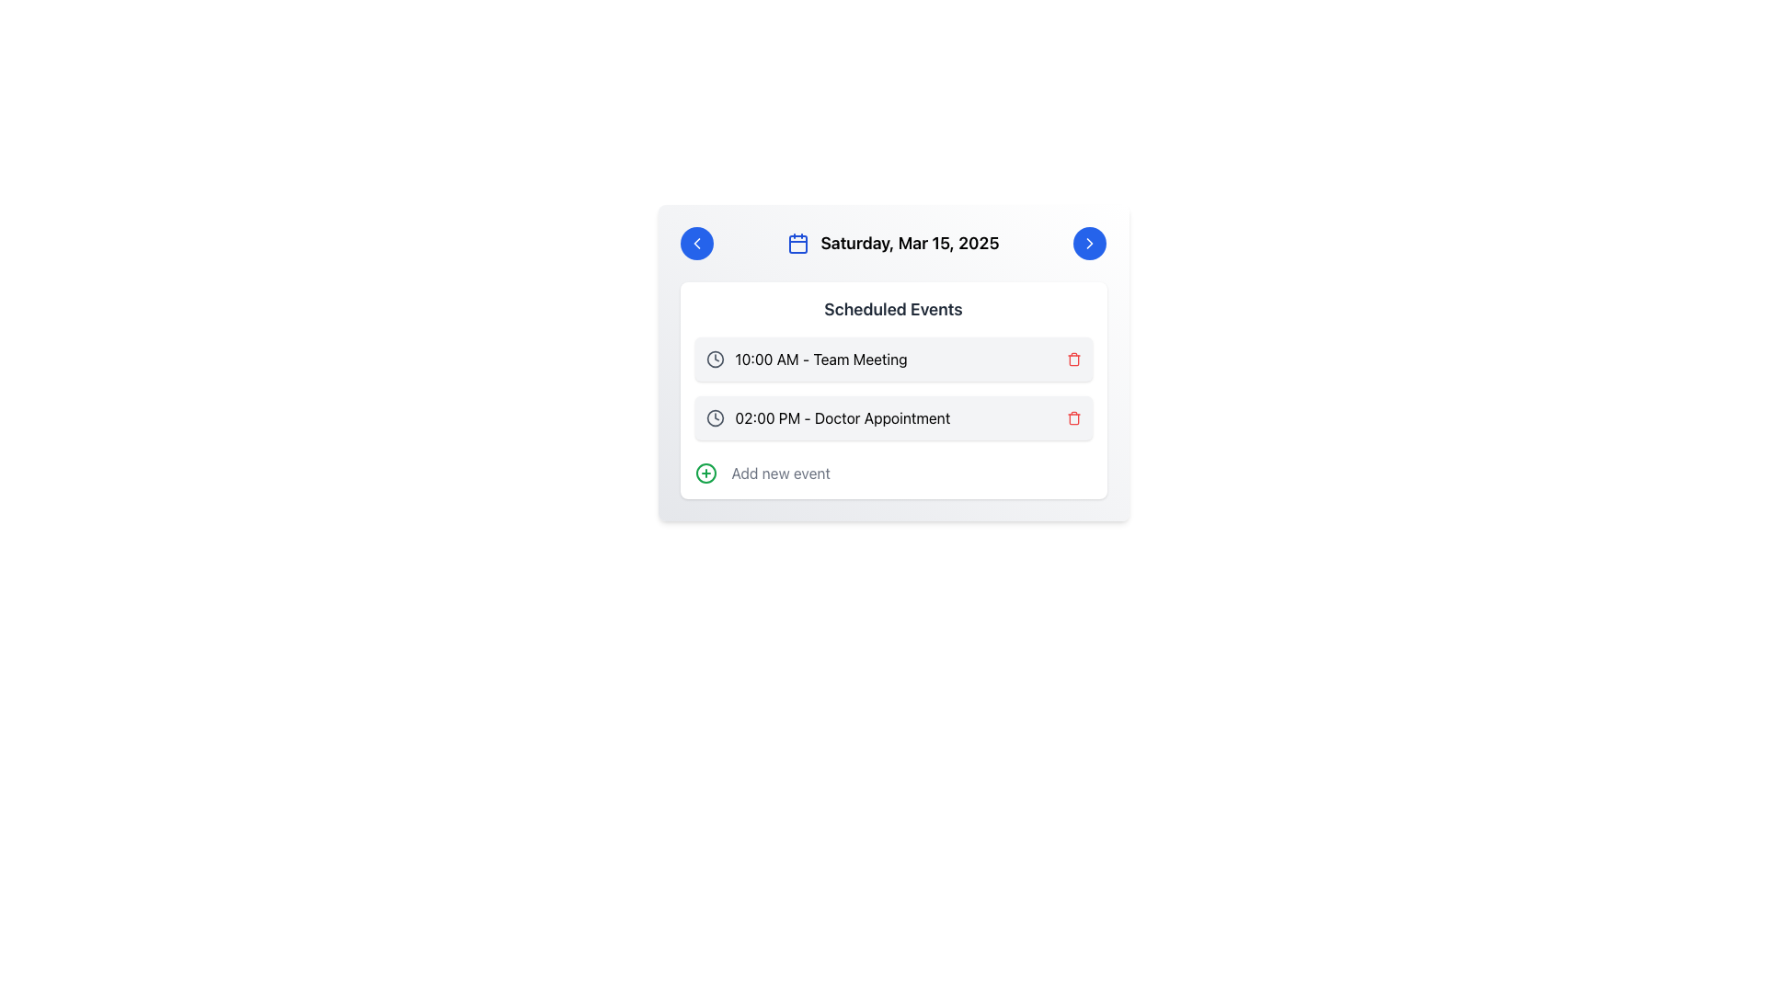  What do you see at coordinates (695, 243) in the screenshot?
I see `the navigational button on the far left of the header displaying 'Saturday, Mar 15, 2025'` at bounding box center [695, 243].